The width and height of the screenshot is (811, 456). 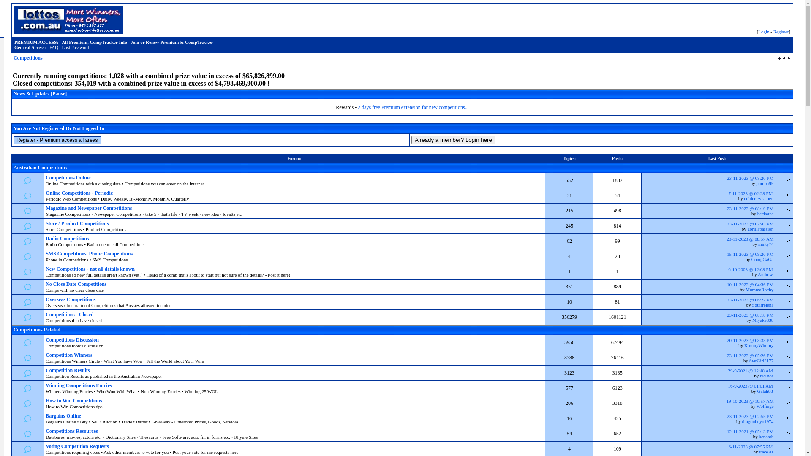 I want to click on 'KimmyWimmy', so click(x=744, y=345).